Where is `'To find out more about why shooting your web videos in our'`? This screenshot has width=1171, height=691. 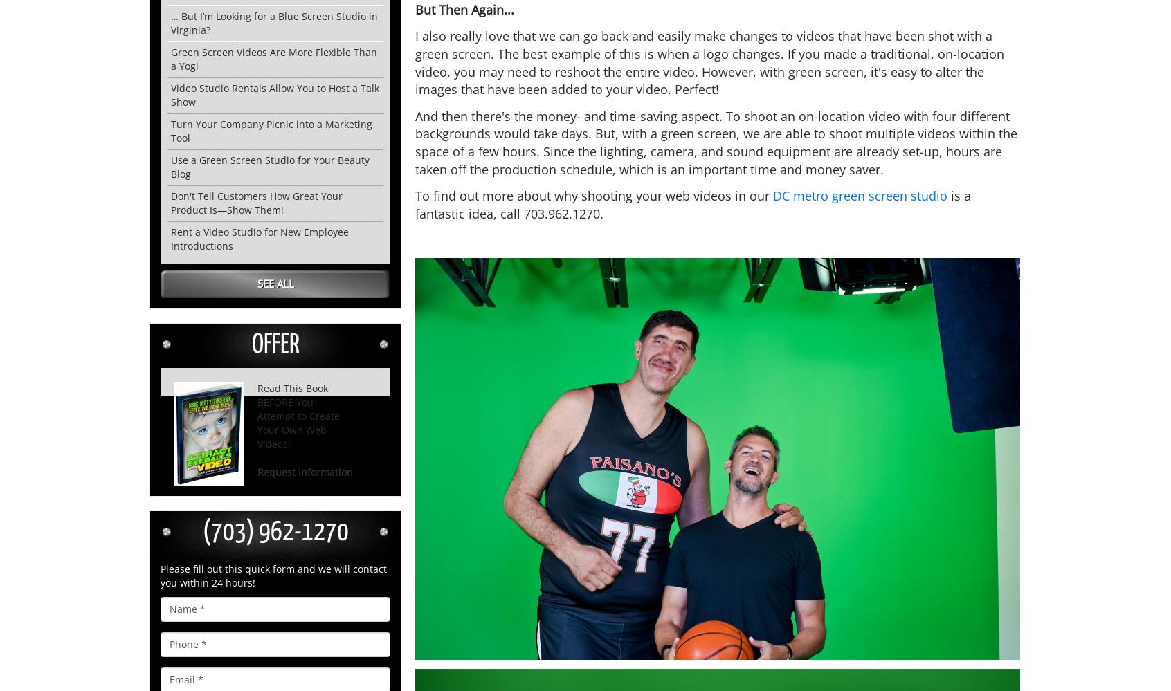 'To find out more about why shooting your web videos in our' is located at coordinates (593, 195).